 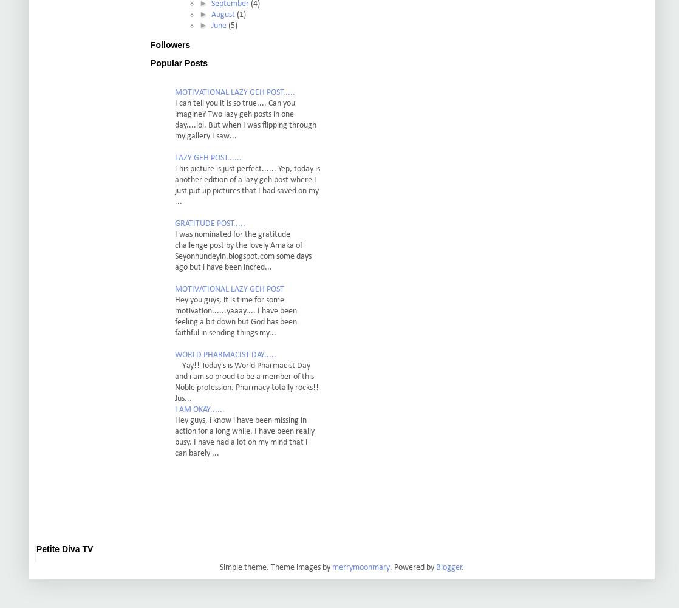 What do you see at coordinates (435, 567) in the screenshot?
I see `'Blogger'` at bounding box center [435, 567].